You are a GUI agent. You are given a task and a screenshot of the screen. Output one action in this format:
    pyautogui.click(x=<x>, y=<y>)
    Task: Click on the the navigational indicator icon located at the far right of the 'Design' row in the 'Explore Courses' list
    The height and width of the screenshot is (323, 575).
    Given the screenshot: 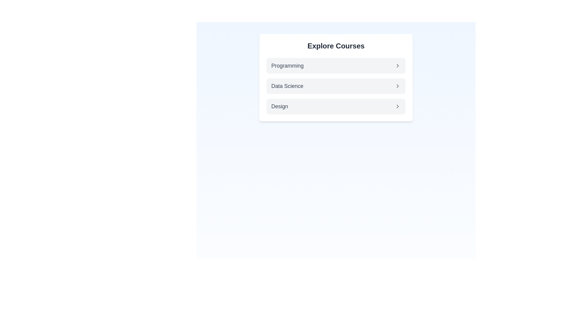 What is the action you would take?
    pyautogui.click(x=398, y=106)
    